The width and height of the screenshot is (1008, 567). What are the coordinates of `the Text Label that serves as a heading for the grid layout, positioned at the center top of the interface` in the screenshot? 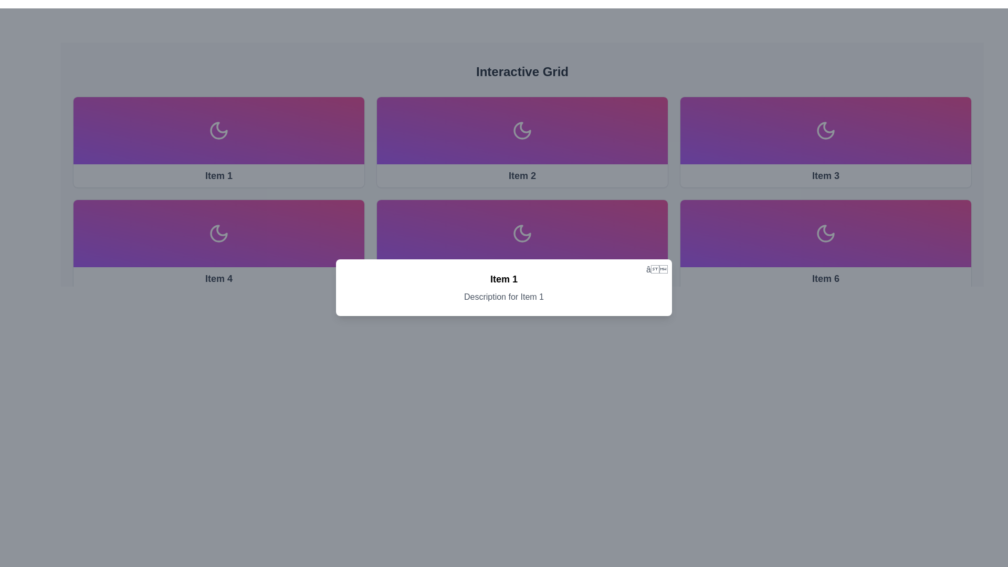 It's located at (522, 71).